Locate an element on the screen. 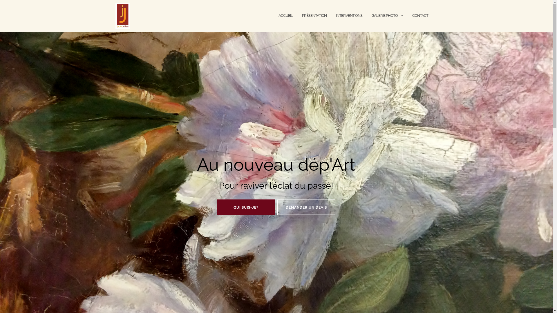 This screenshot has width=557, height=313. 'ACCUEIL' is located at coordinates (285, 15).